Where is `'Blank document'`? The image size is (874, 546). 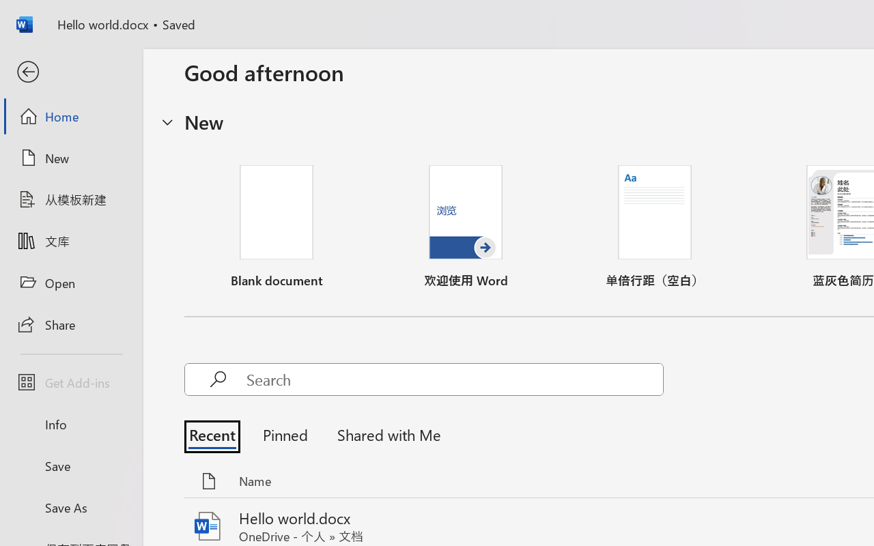
'Blank document' is located at coordinates (276, 226).